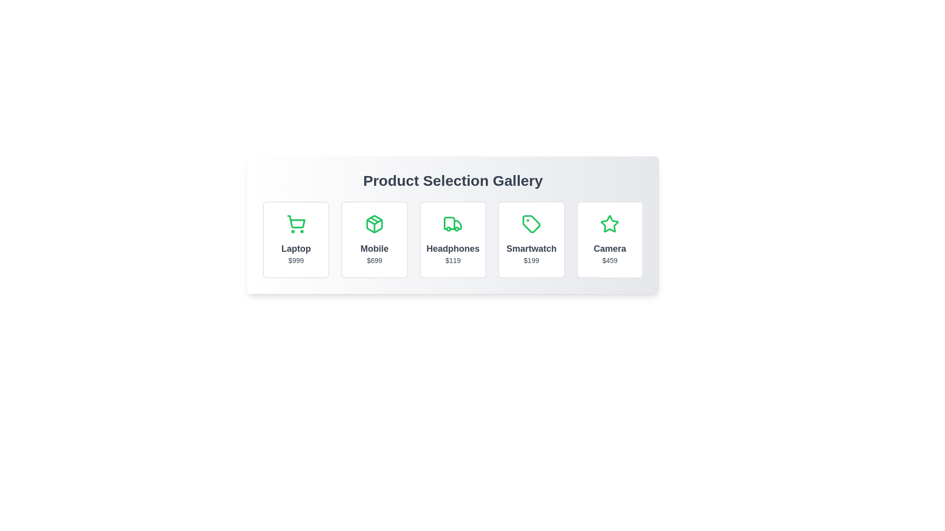 Image resolution: width=945 pixels, height=531 pixels. What do you see at coordinates (609, 253) in the screenshot?
I see `text content of the product display area labeled 'Camera', located in the bottom section of the product card on the far right of the product grid, below a green star icon` at bounding box center [609, 253].